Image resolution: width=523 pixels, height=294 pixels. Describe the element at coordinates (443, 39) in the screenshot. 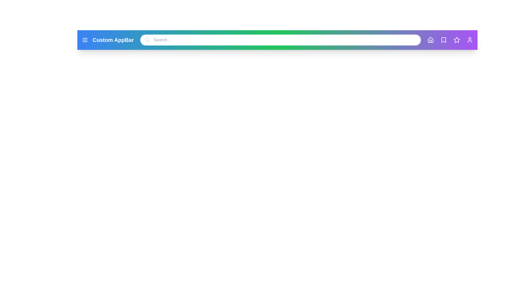

I see `the 'Bookmark' icon to view bookmarked items` at that location.